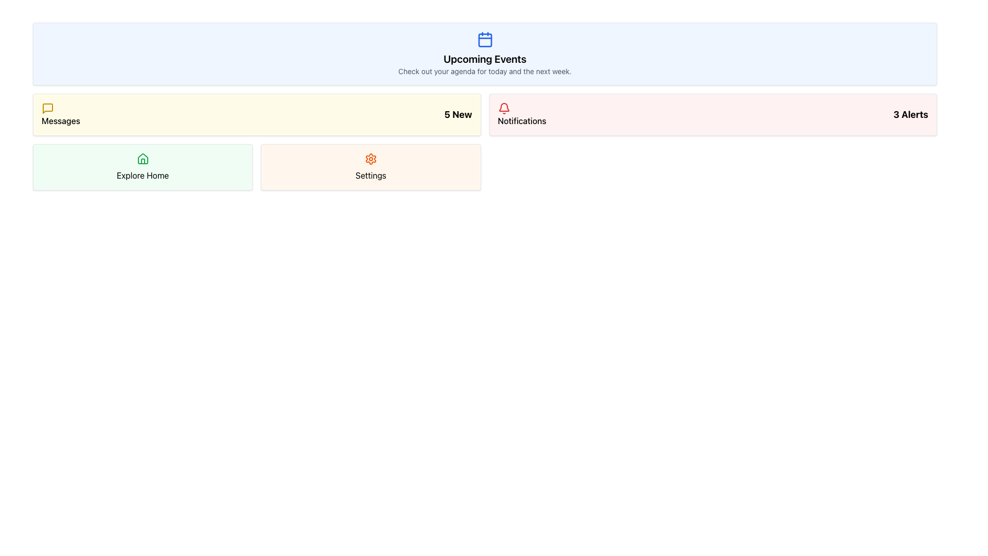  I want to click on informational text label located directly below the 'Upcoming Events' title in the top blue section of the interface, so click(484, 71).